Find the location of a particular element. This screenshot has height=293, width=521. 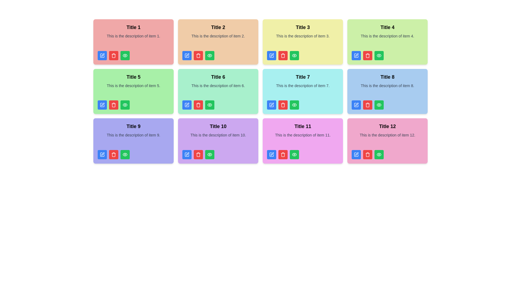

the pen graphic icon located in the bottom-right corner of the 'Title 11' card is located at coordinates (272, 154).